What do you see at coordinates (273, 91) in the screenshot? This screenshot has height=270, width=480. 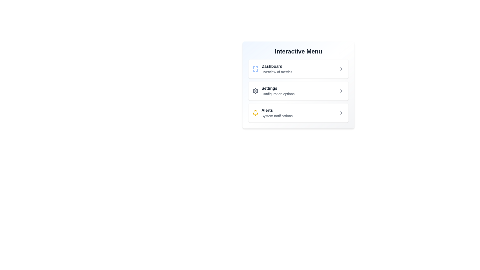 I see `the Navigation link labeled 'Settings' with a gear icon` at bounding box center [273, 91].